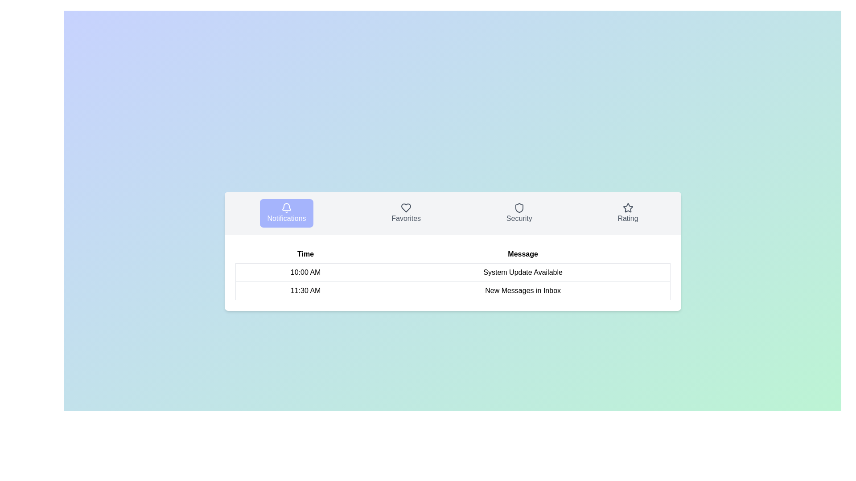 This screenshot has height=481, width=856. I want to click on star icon located in the 'Rating' section of the navigation bar, which is visually distinctive with its outlined five-point shape, so click(627, 208).